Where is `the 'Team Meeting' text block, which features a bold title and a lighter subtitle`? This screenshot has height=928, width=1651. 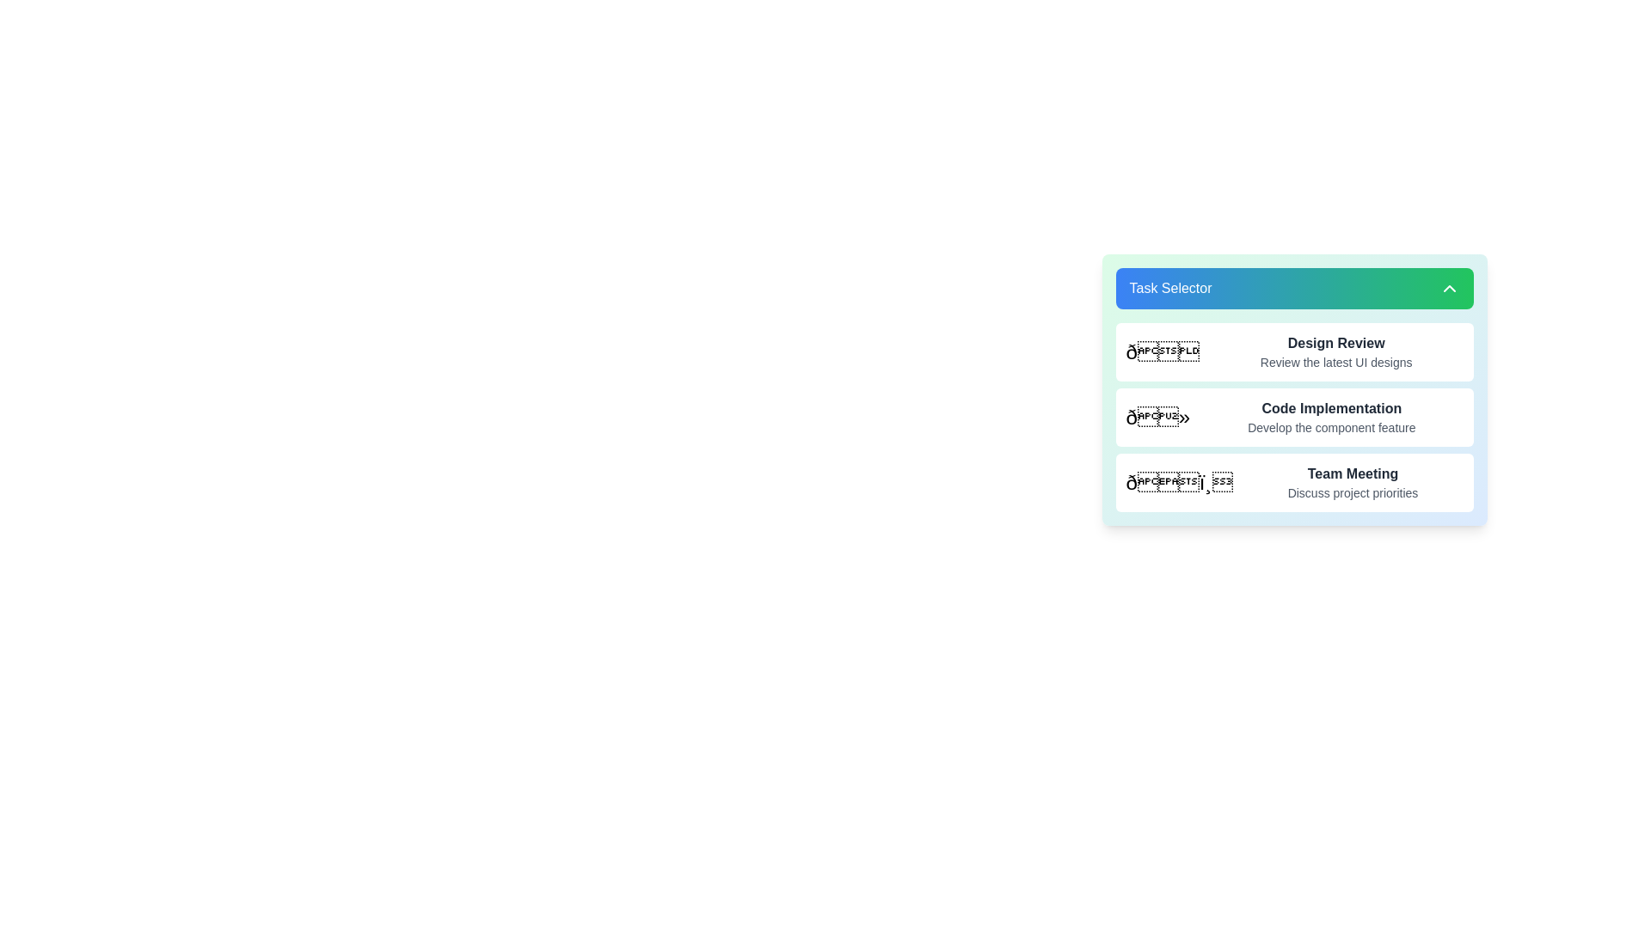
the 'Team Meeting' text block, which features a bold title and a lighter subtitle is located at coordinates (1352, 483).